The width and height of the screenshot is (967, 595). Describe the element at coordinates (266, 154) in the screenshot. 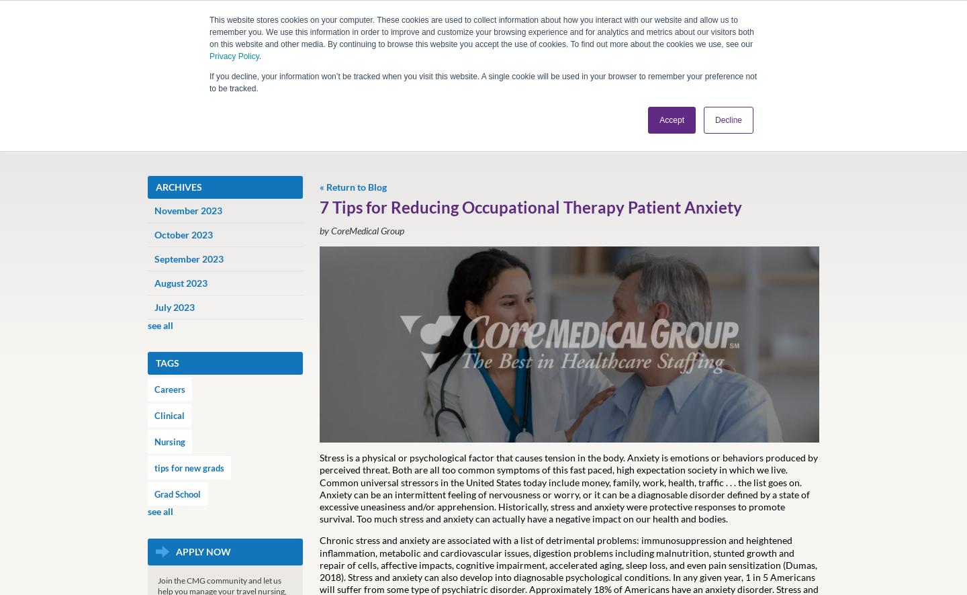

I see `'Job Search'` at that location.